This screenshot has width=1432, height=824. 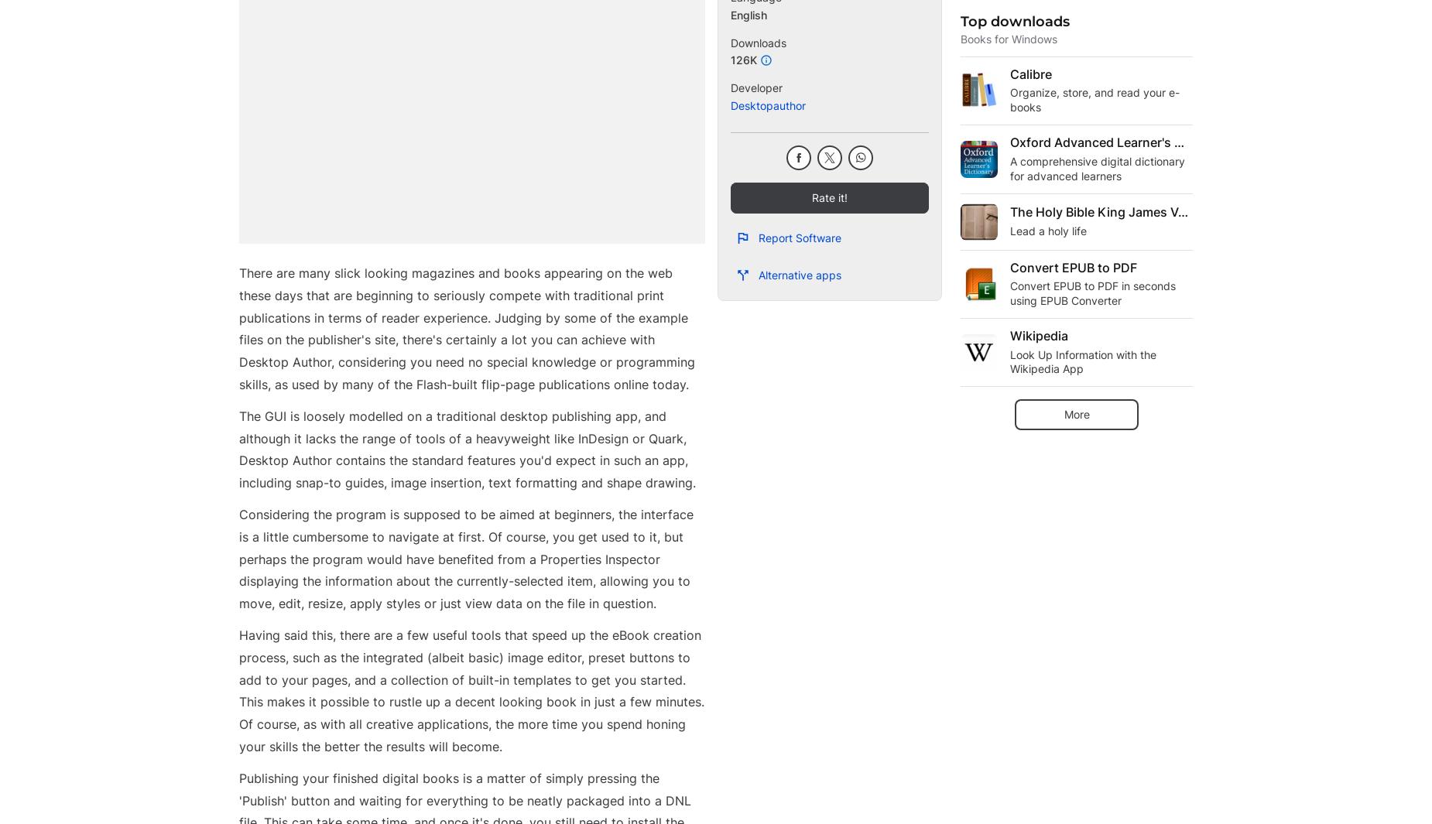 I want to click on 'Monetization solutions for Publishers', so click(x=570, y=780).